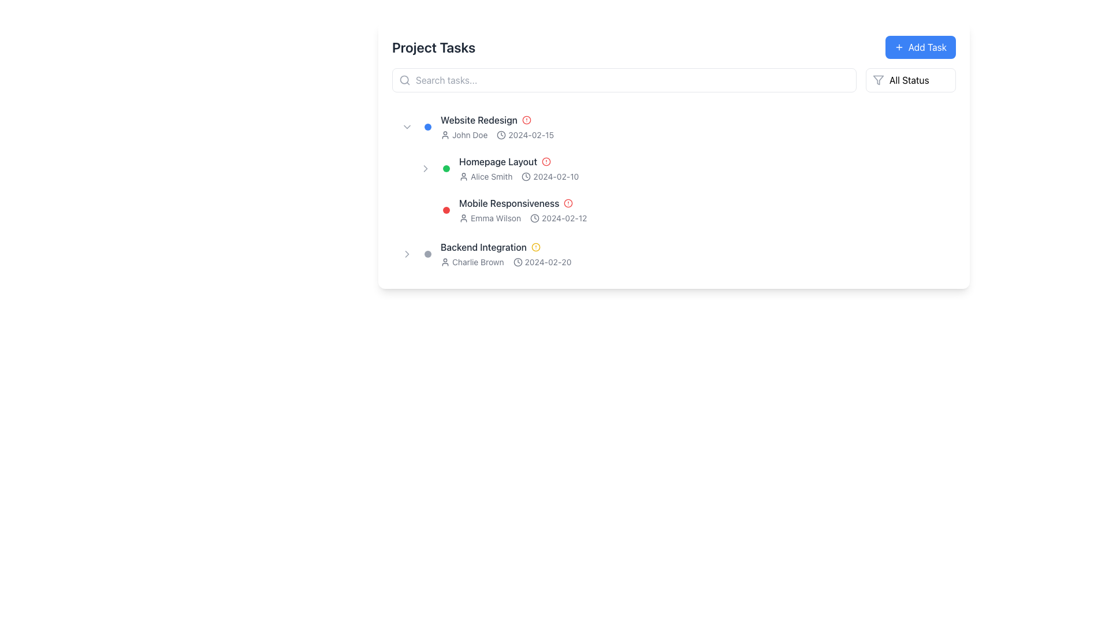 The image size is (1109, 624). What do you see at coordinates (542, 262) in the screenshot?
I see `the Text label displaying the due date for the task located in the 'Backend Integration' section, to the right of 'Charlie Brown'` at bounding box center [542, 262].